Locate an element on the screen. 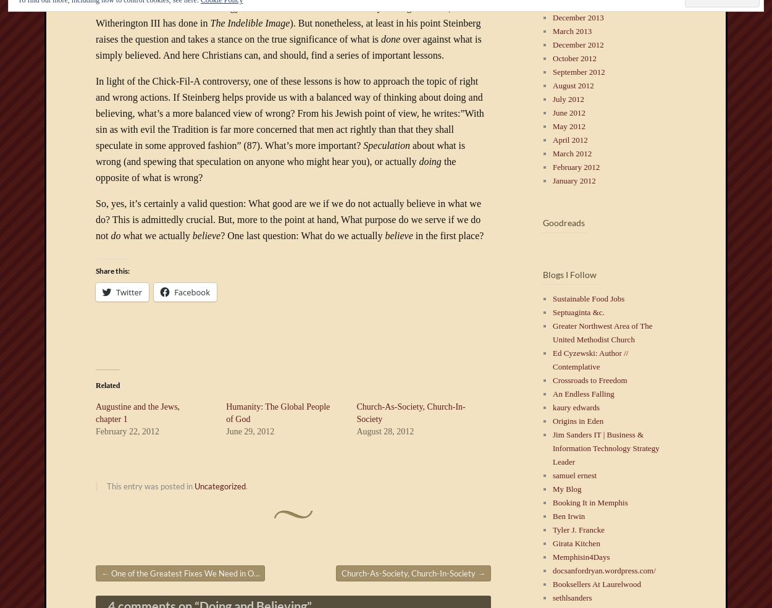  'Twitter' is located at coordinates (128, 292).